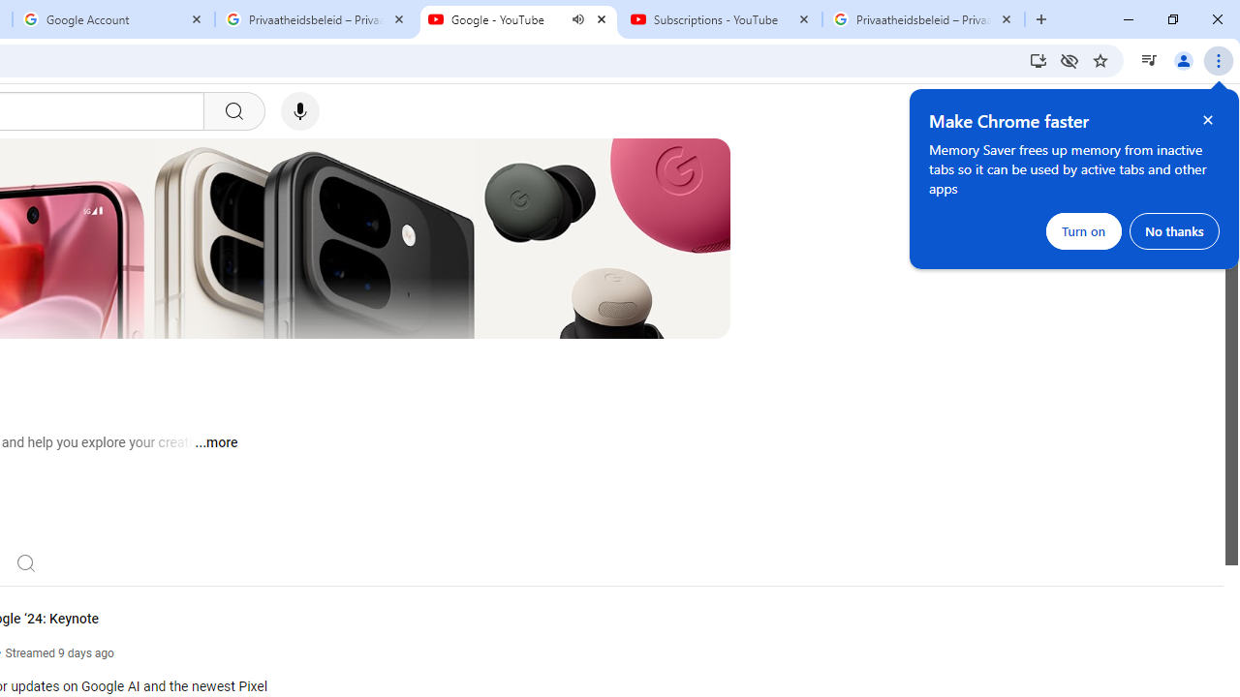  What do you see at coordinates (518, 19) in the screenshot?
I see `'Google - YouTube - Audio playing'` at bounding box center [518, 19].